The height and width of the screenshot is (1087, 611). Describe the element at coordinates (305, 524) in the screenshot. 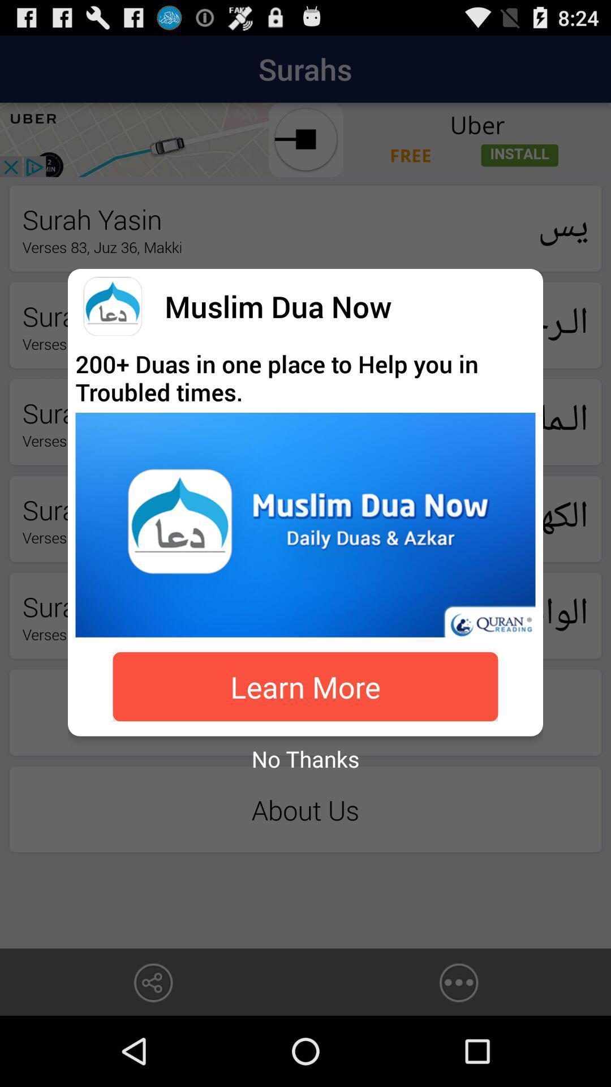

I see `quran reading` at that location.